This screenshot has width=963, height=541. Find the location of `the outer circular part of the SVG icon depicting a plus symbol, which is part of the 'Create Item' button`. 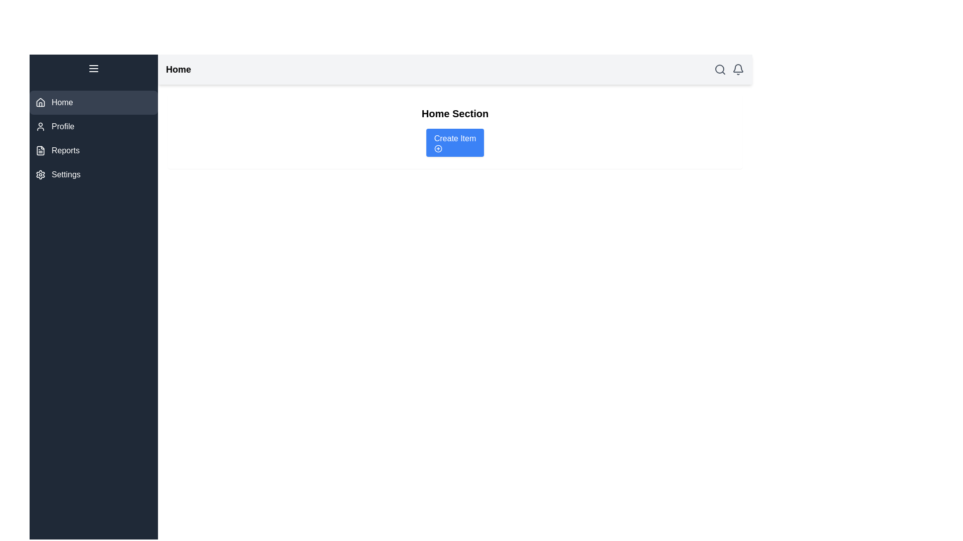

the outer circular part of the SVG icon depicting a plus symbol, which is part of the 'Create Item' button is located at coordinates (438, 149).